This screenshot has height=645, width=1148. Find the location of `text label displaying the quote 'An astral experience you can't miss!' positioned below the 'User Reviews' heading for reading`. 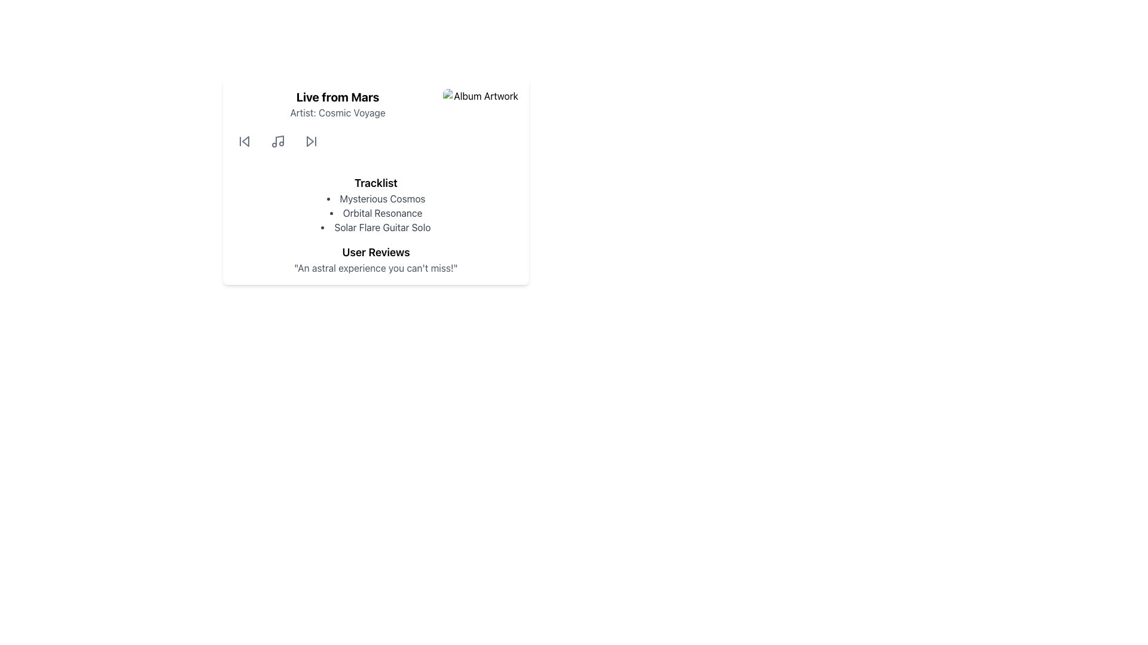

text label displaying the quote 'An astral experience you can't miss!' positioned below the 'User Reviews' heading for reading is located at coordinates (375, 267).